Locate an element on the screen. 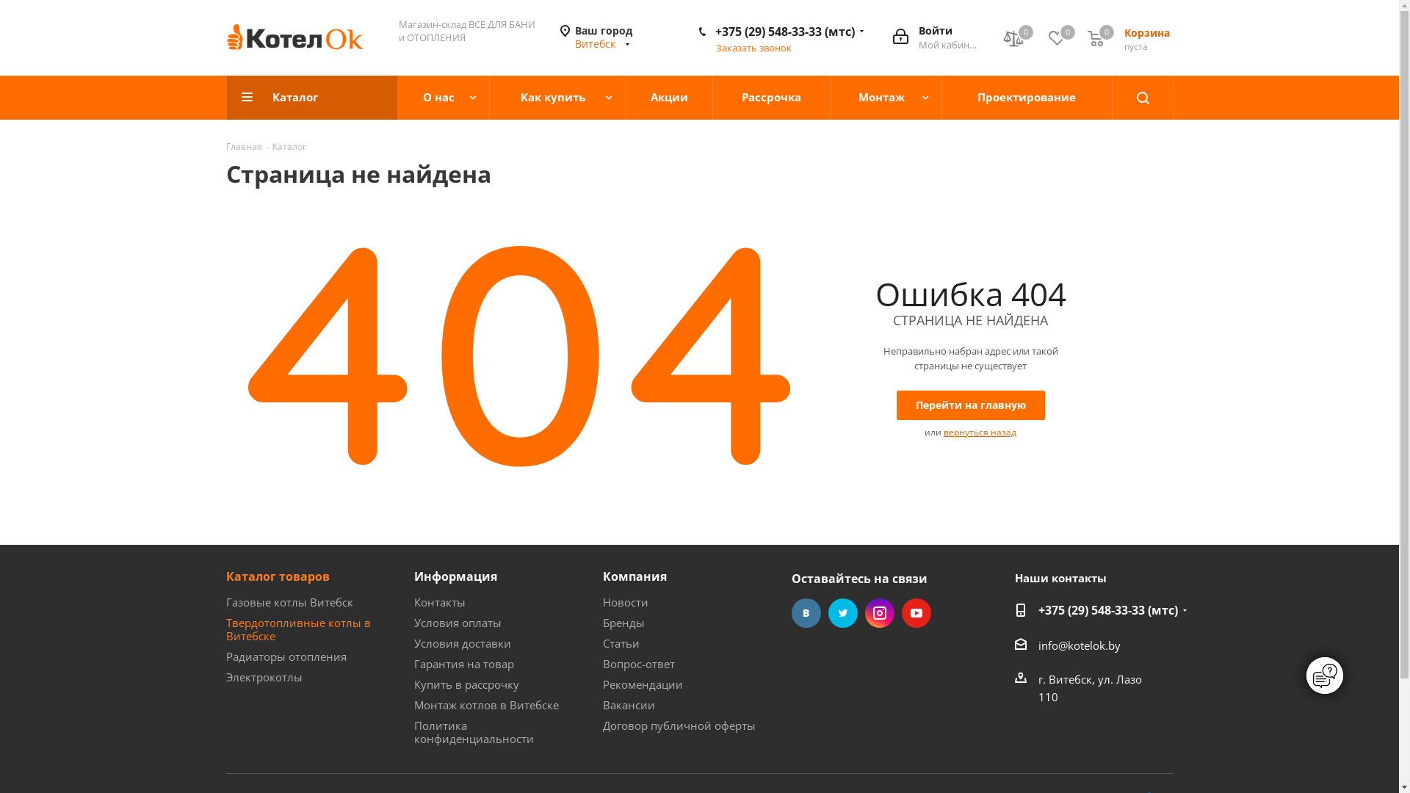 The width and height of the screenshot is (1410, 793). 'Instagram' is located at coordinates (880, 612).